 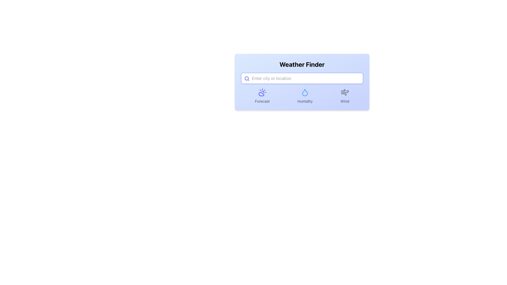 I want to click on the 'Forecast' icon, which serves as a button, so click(x=261, y=94).